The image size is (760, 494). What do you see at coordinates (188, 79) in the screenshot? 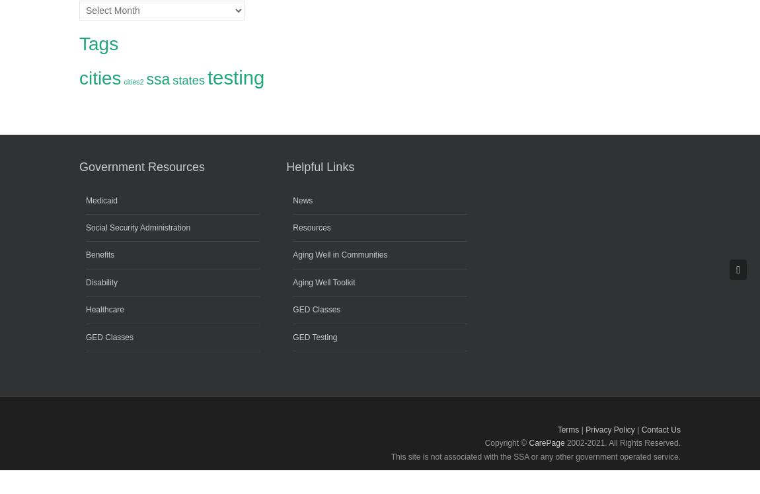
I see `'states'` at bounding box center [188, 79].